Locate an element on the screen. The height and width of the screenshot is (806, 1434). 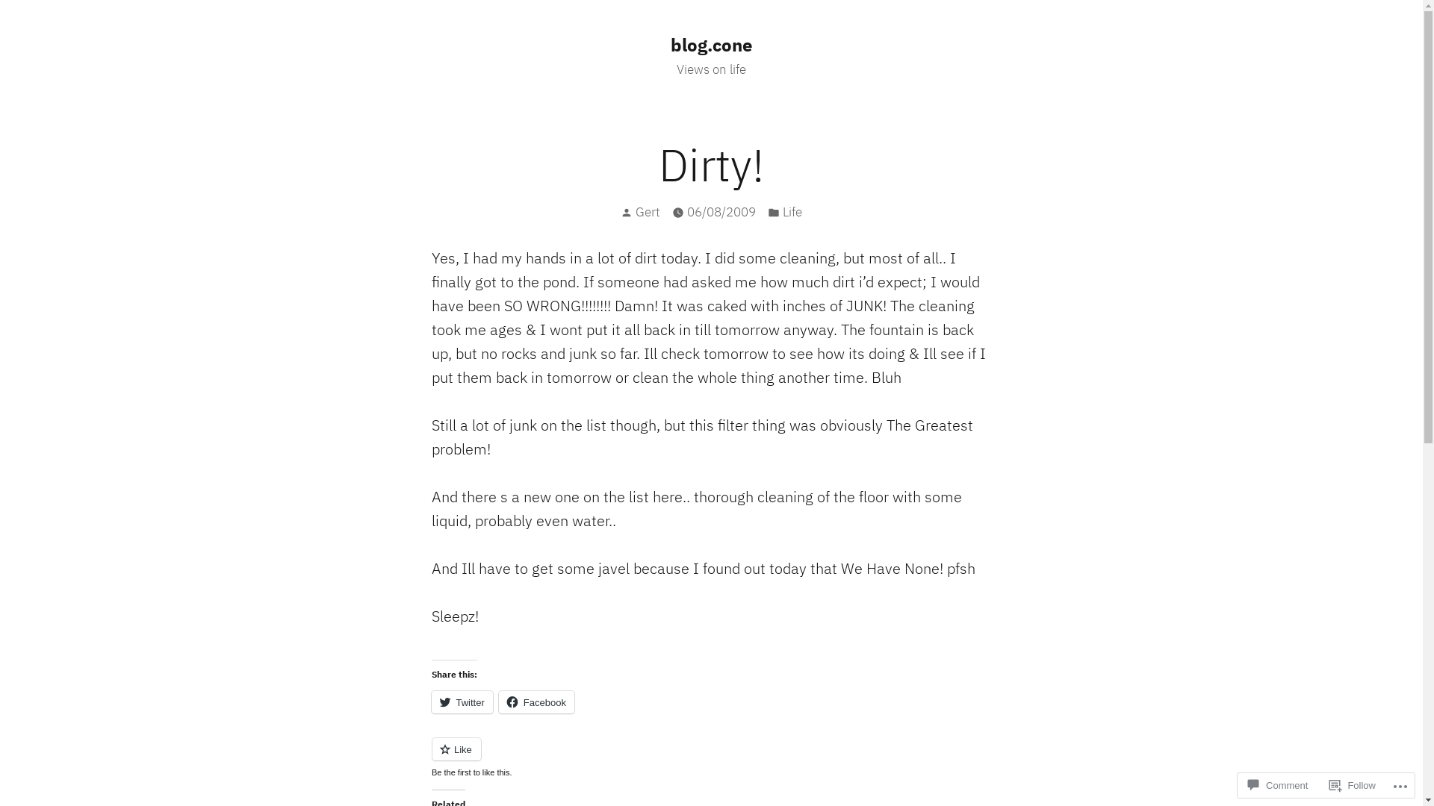
'06/08/2009' is located at coordinates (721, 212).